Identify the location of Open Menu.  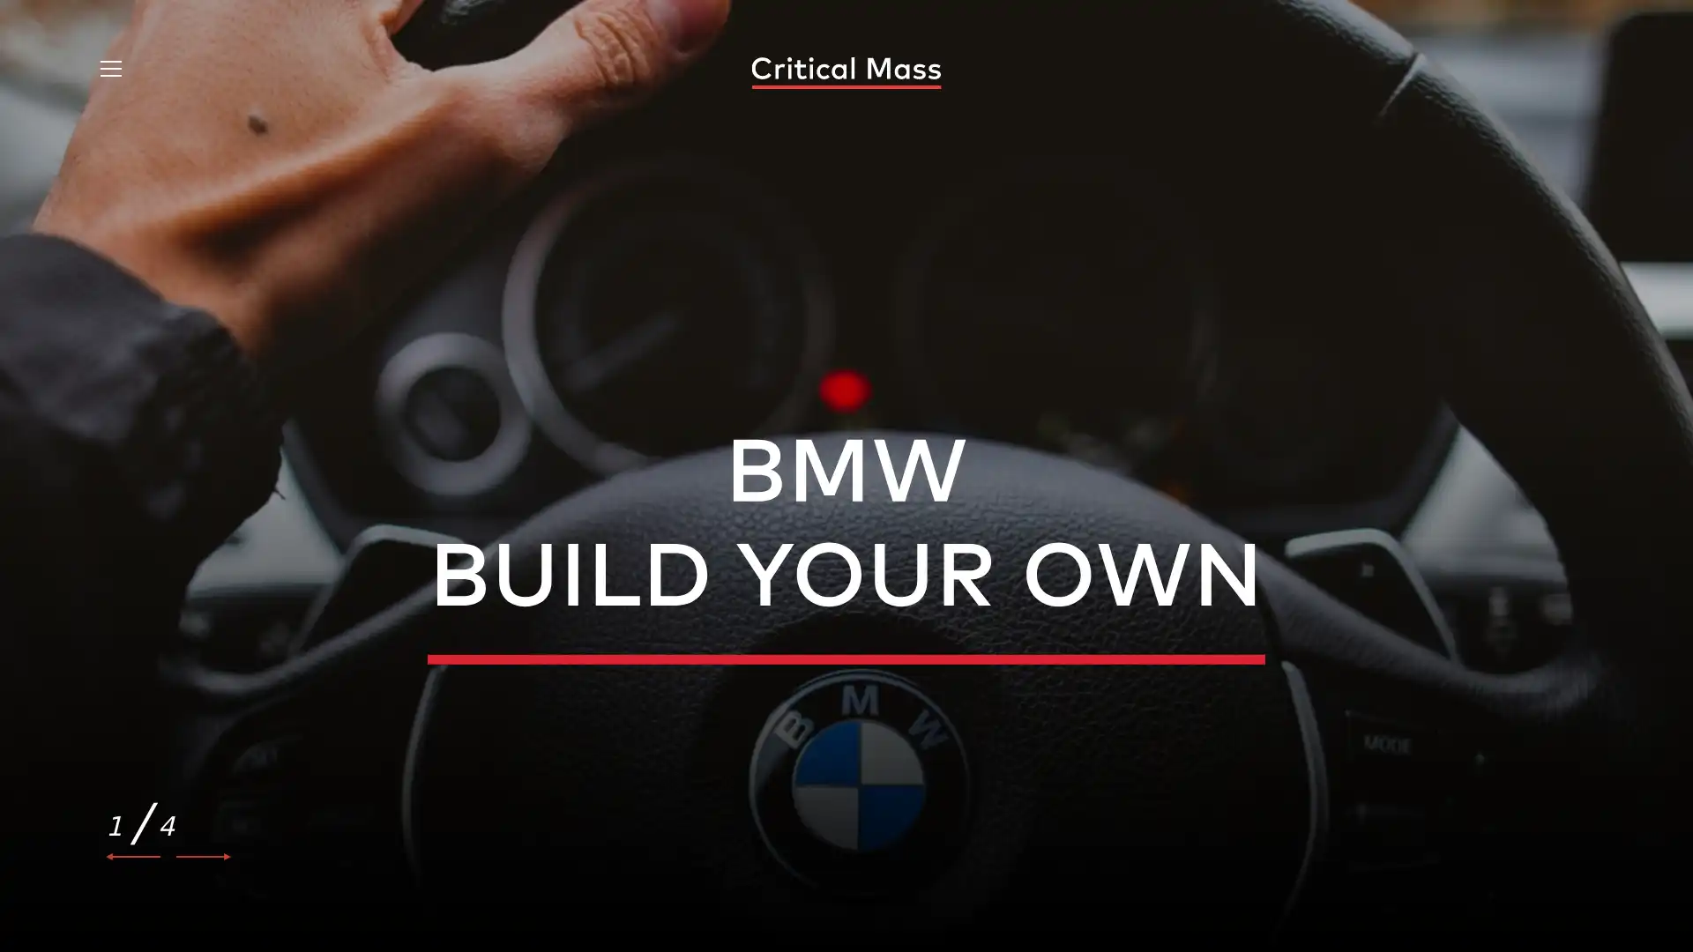
(109, 71).